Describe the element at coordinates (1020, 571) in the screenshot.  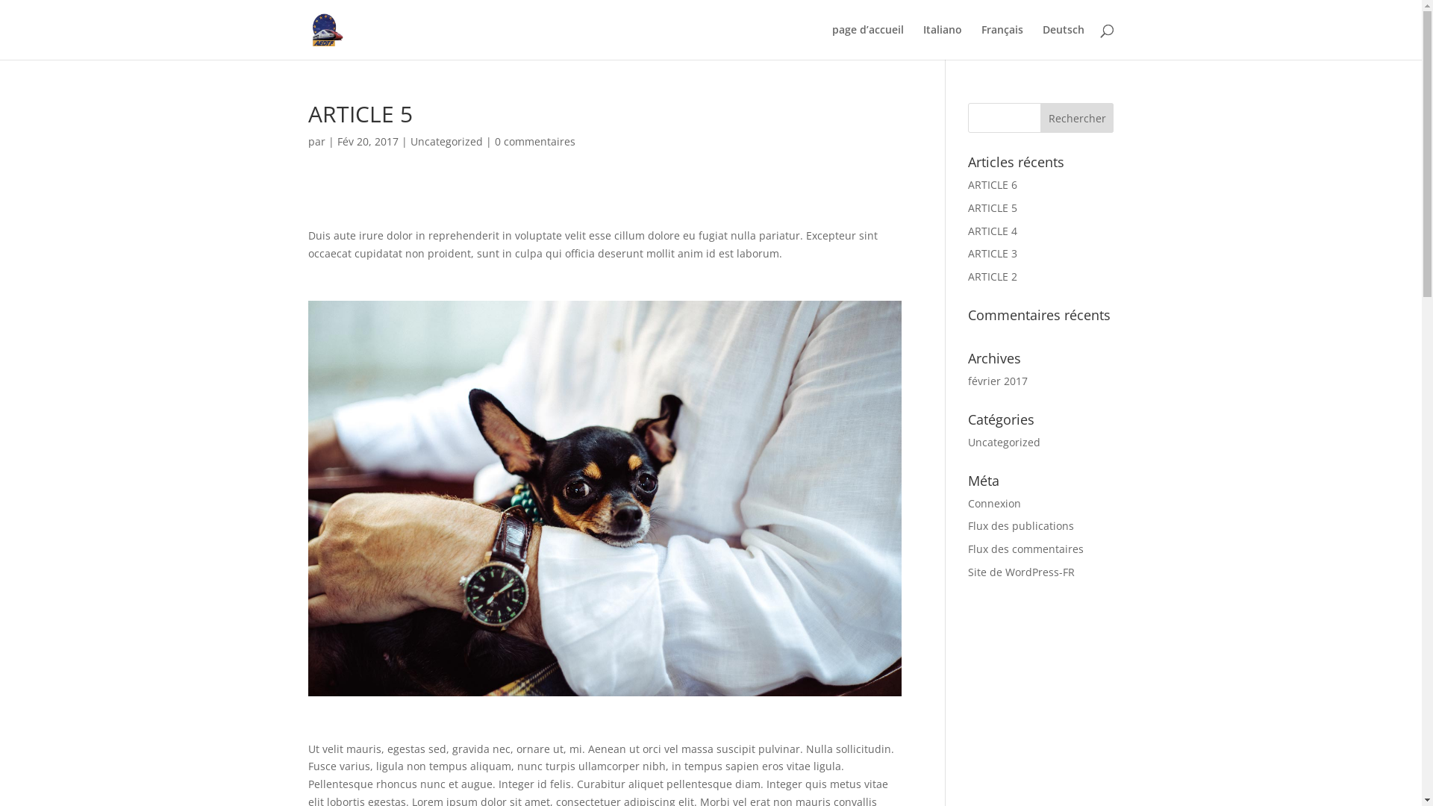
I see `'Site de WordPress-FR'` at that location.